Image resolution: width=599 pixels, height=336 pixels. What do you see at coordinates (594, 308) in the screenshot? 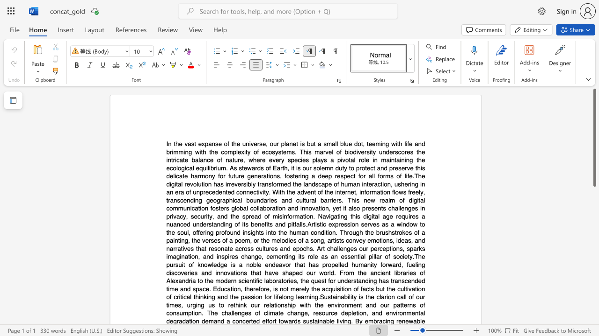
I see `the right-hand scrollbar to descend the page` at bounding box center [594, 308].